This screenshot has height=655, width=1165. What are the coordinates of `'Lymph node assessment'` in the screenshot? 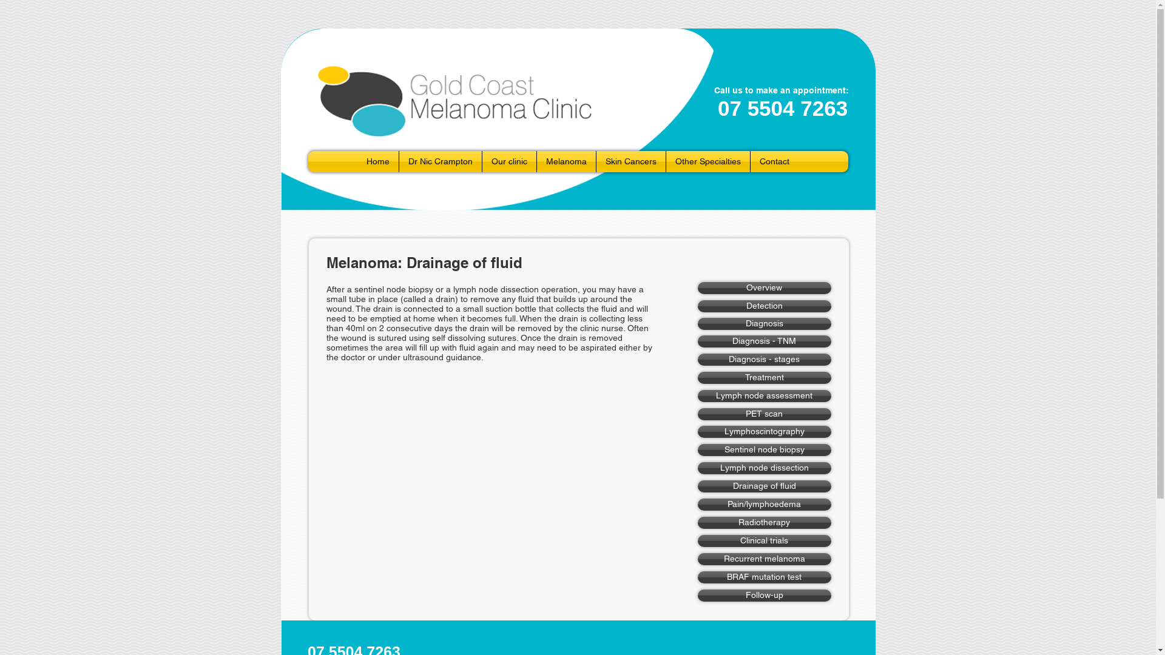 It's located at (763, 395).